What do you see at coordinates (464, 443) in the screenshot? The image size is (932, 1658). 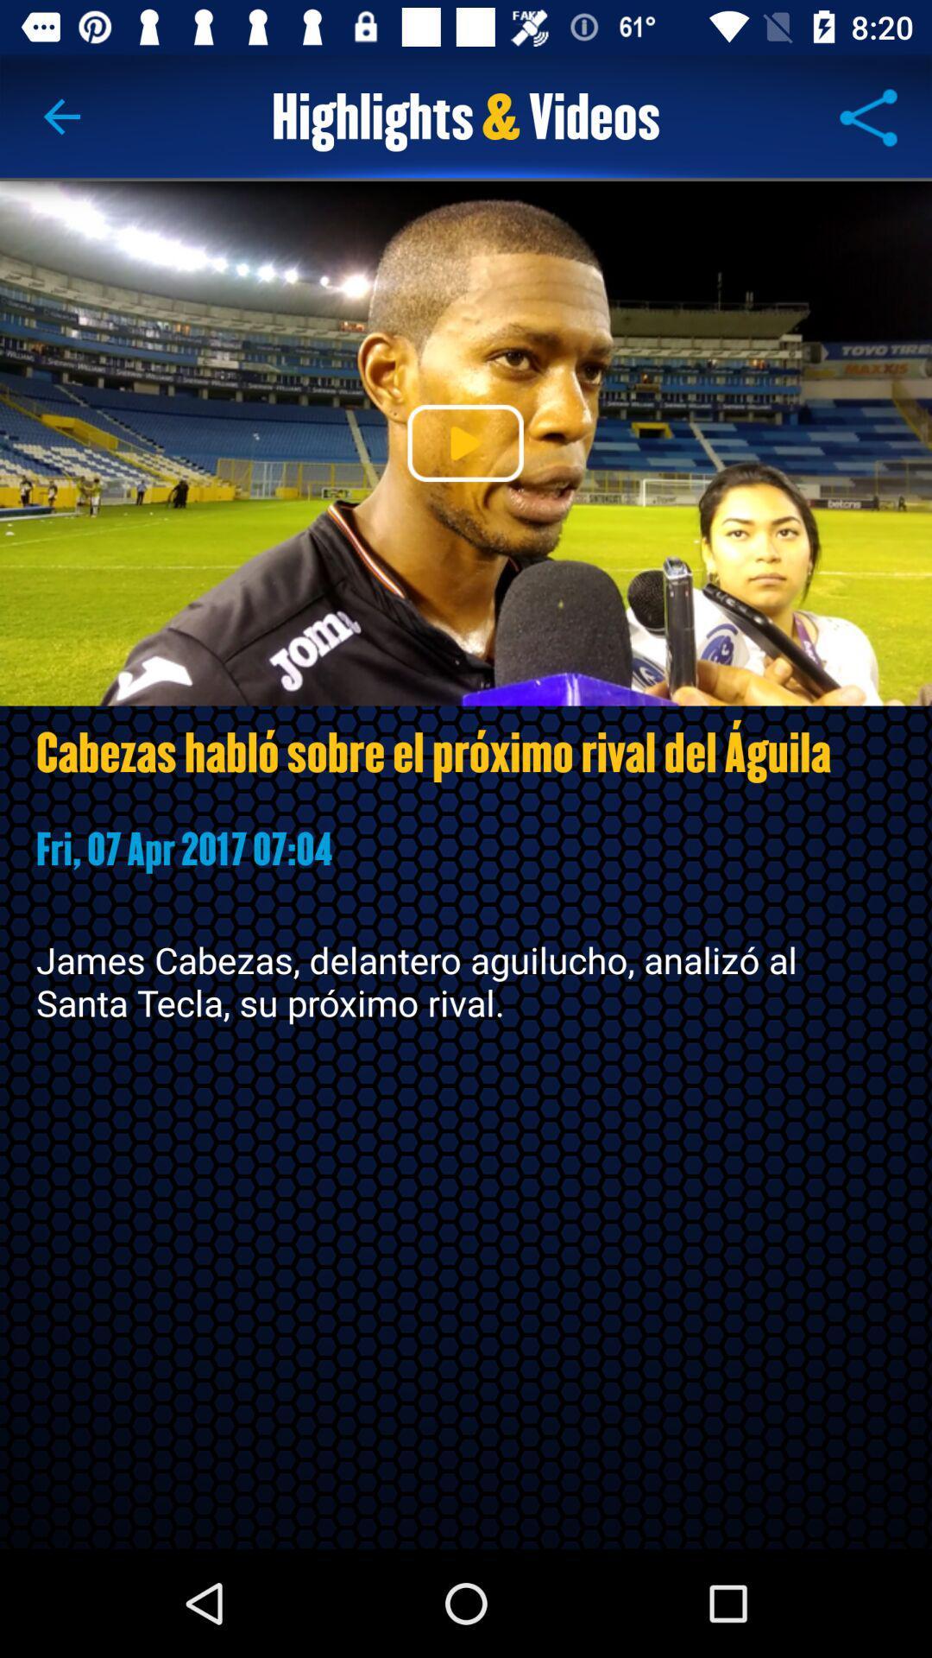 I see `the button to play the video` at bounding box center [464, 443].